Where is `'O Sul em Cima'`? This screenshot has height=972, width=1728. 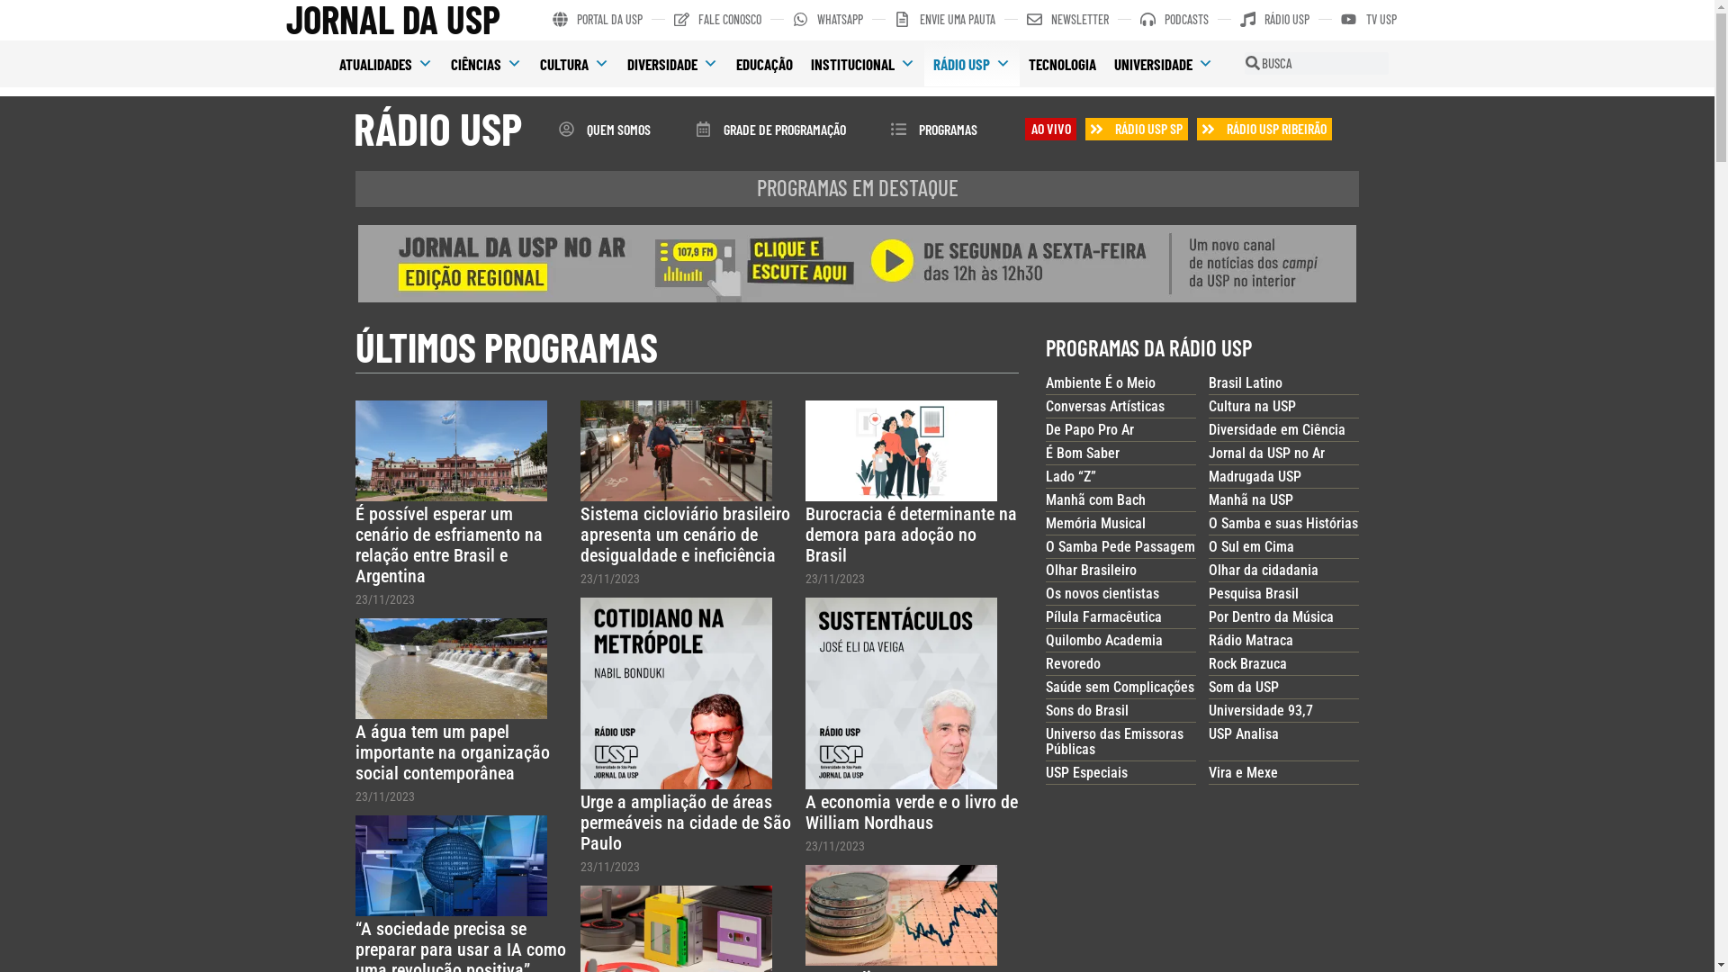
'O Sul em Cima' is located at coordinates (1250, 545).